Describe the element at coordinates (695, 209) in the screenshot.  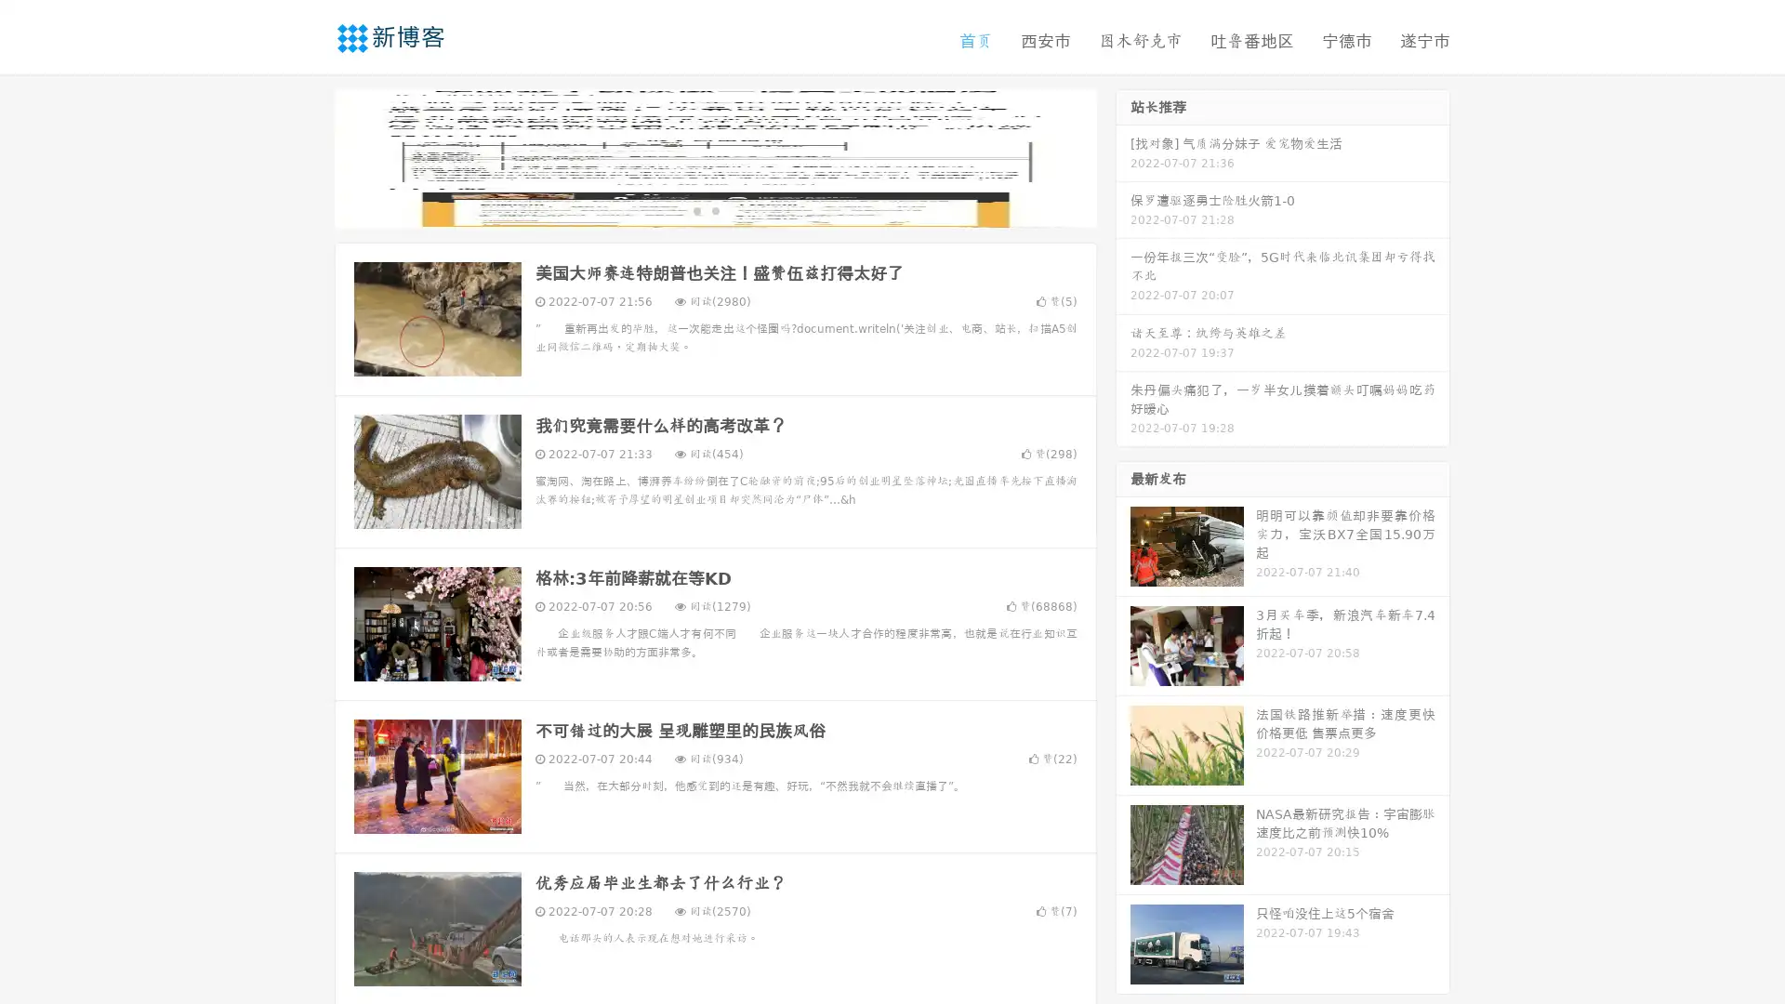
I see `Go to slide 1` at that location.